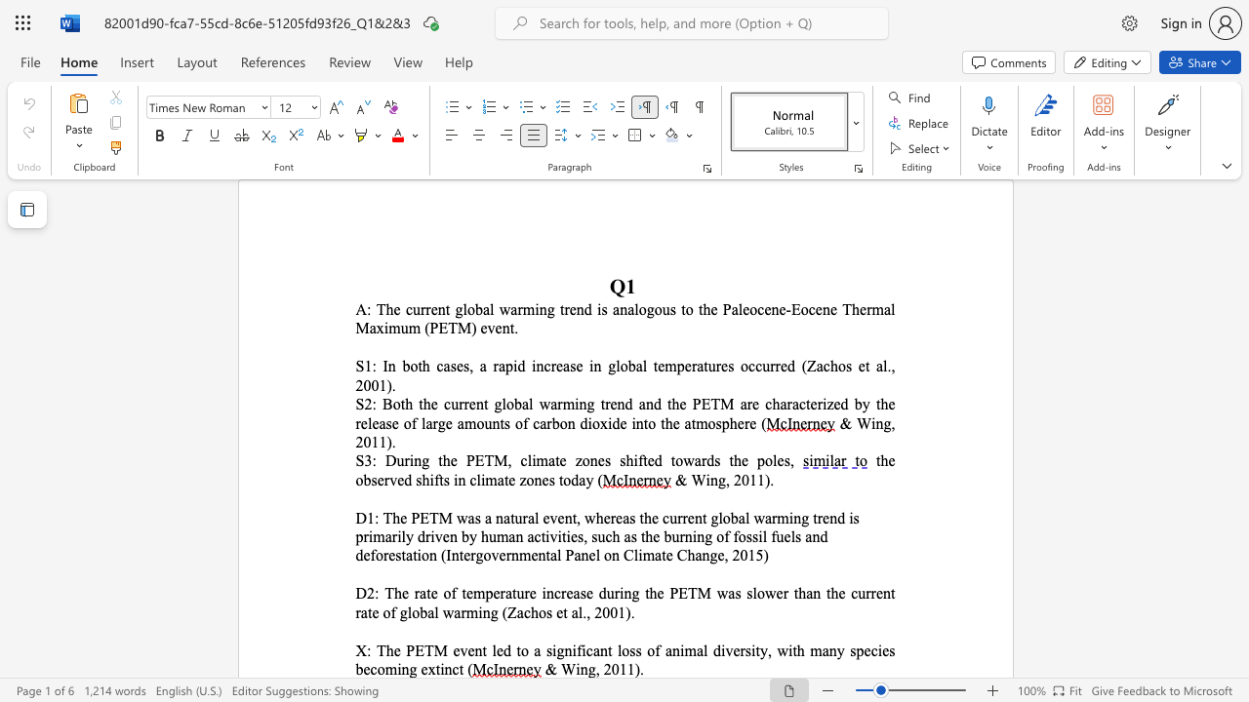 The width and height of the screenshot is (1249, 702). What do you see at coordinates (622, 668) in the screenshot?
I see `the 1th character "1" in the text` at bounding box center [622, 668].